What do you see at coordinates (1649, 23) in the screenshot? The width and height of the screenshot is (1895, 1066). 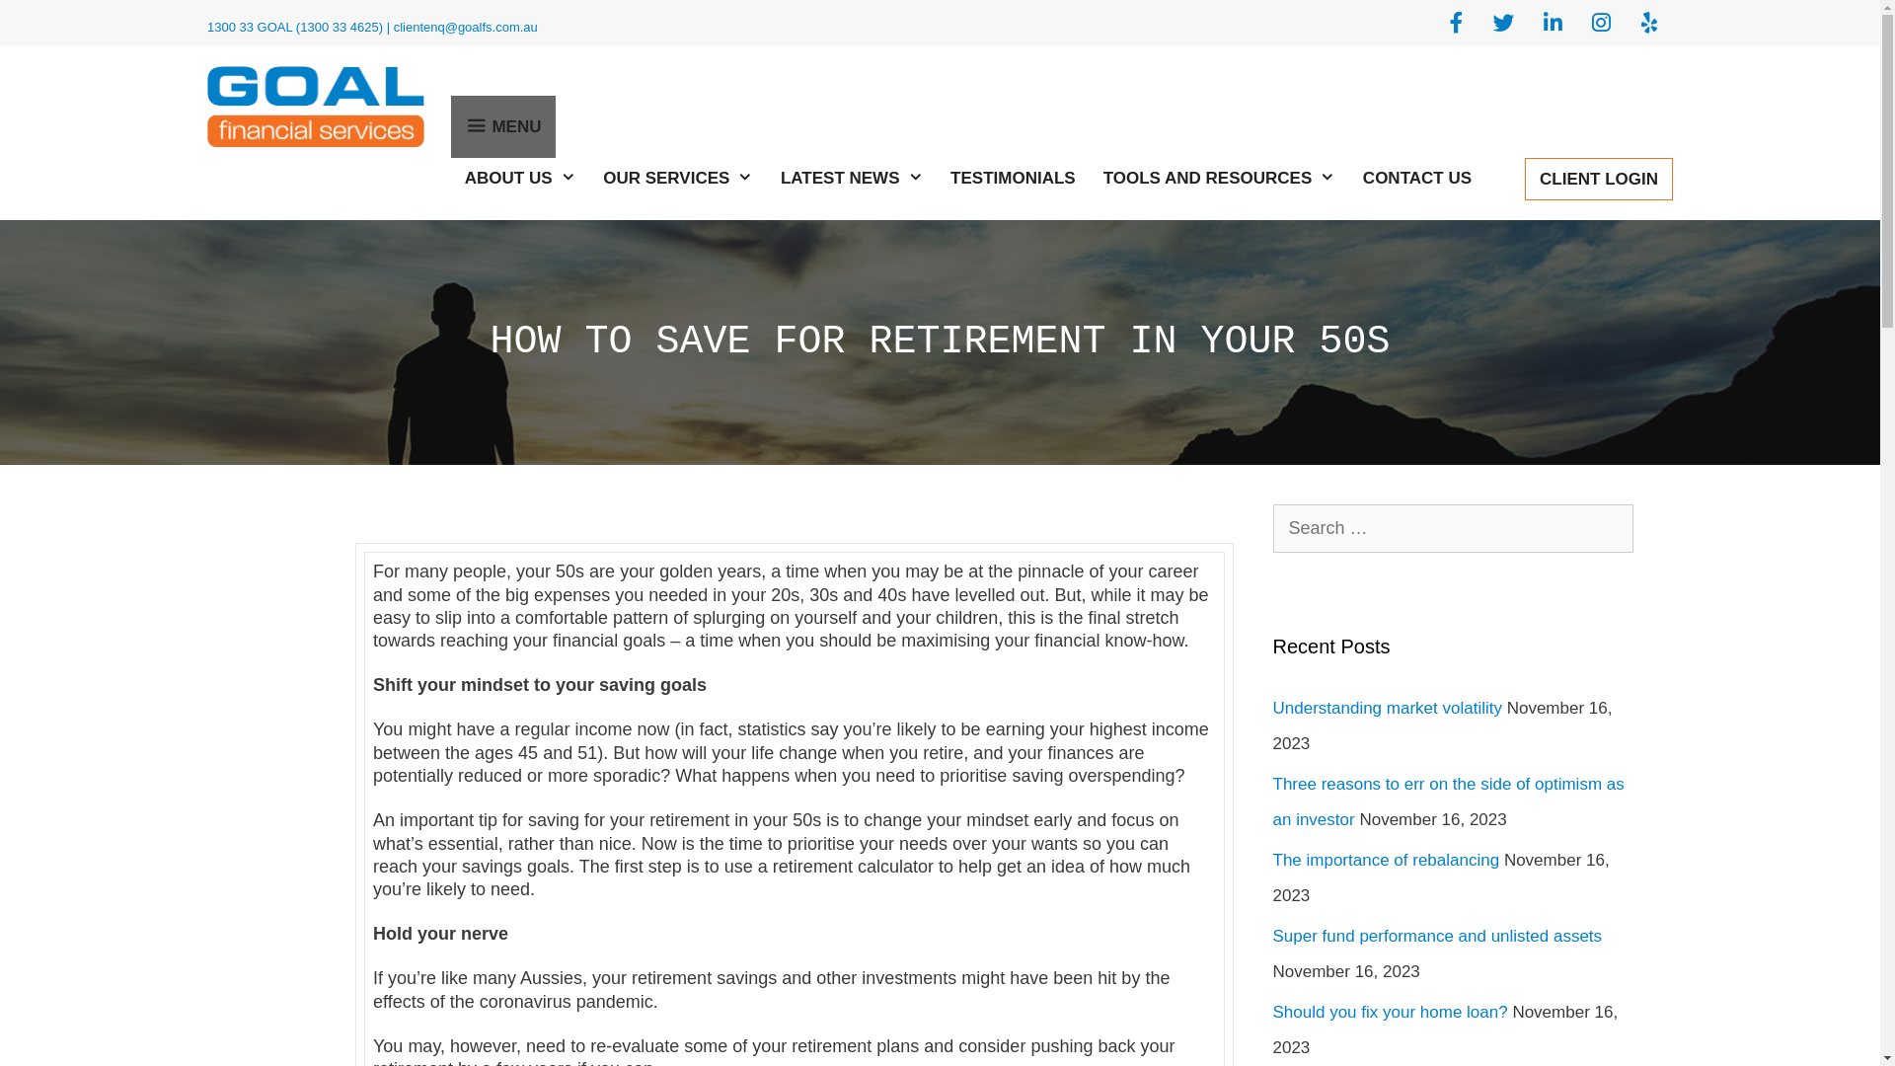 I see `'Goal Financial Services on Yelp'` at bounding box center [1649, 23].